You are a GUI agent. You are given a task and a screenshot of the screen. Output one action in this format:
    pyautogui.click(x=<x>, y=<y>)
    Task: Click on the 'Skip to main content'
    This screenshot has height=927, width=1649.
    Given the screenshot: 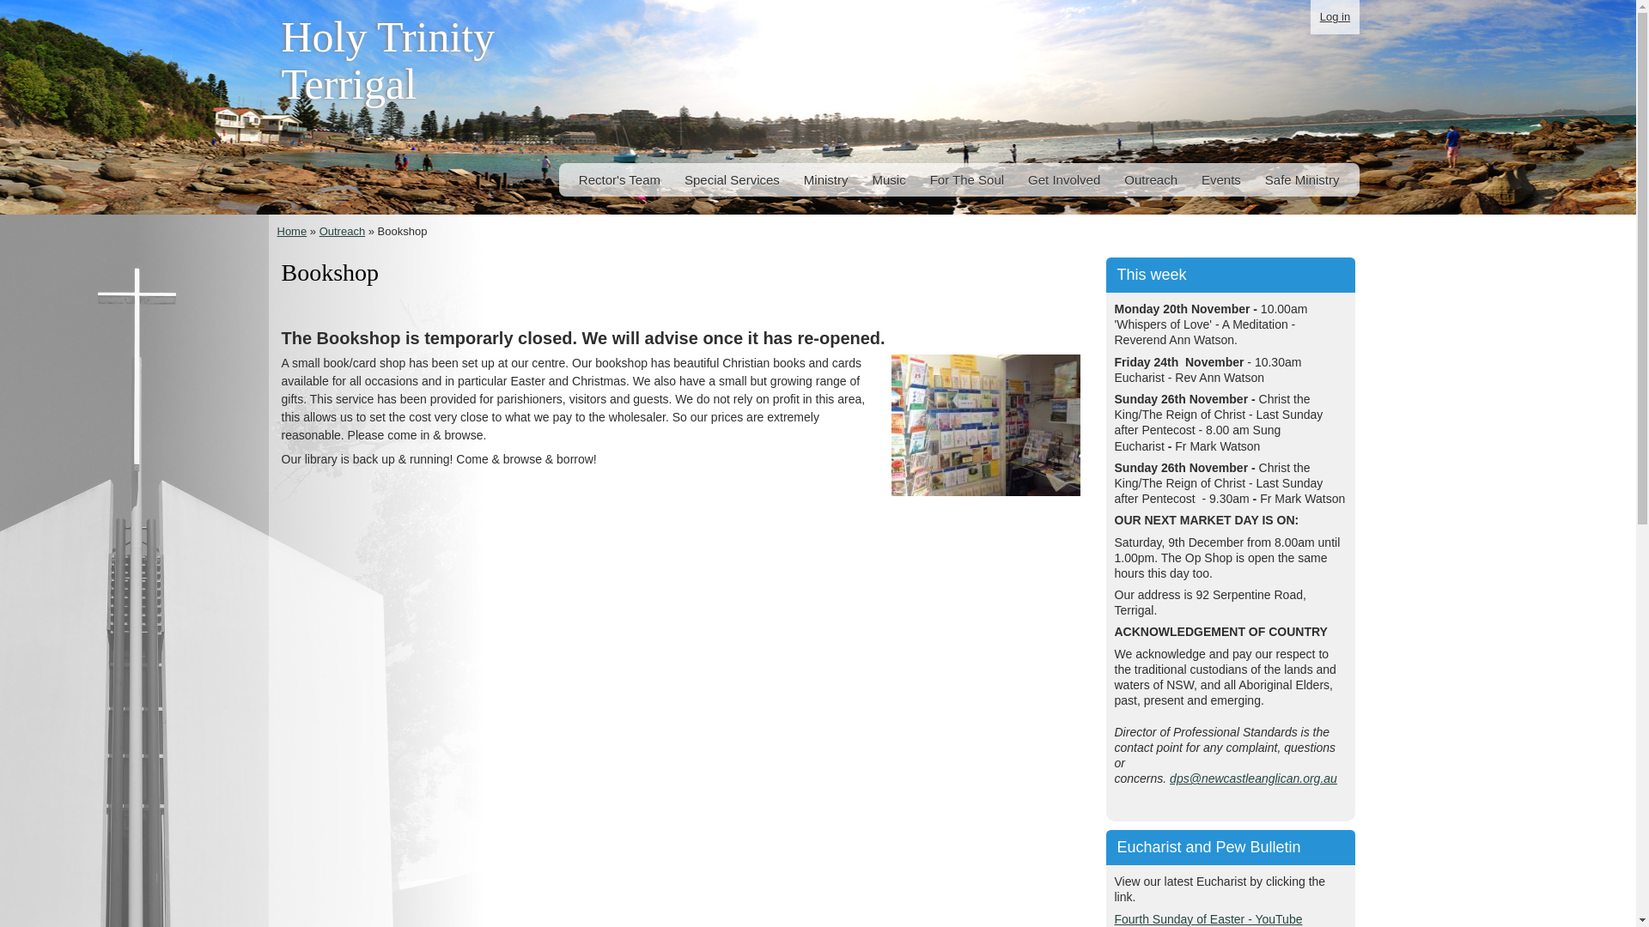 What is the action you would take?
    pyautogui.click(x=781, y=1)
    